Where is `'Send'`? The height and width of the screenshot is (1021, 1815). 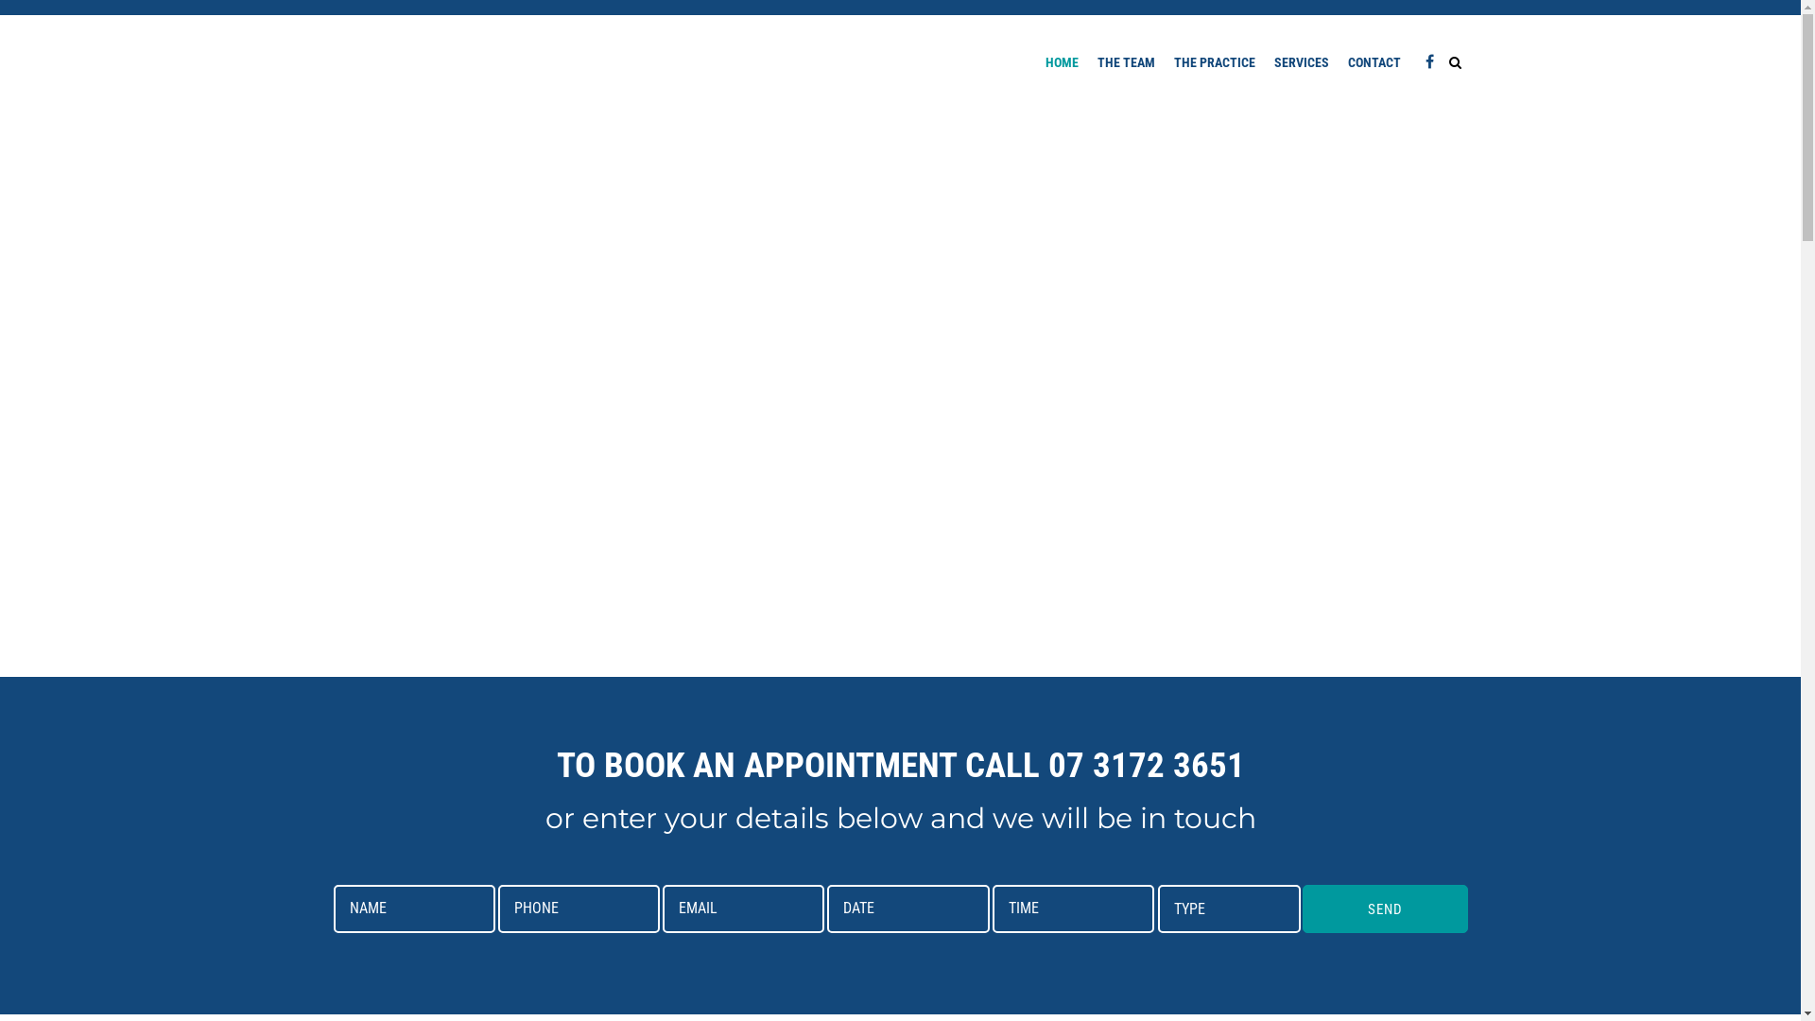 'Send' is located at coordinates (1384, 908).